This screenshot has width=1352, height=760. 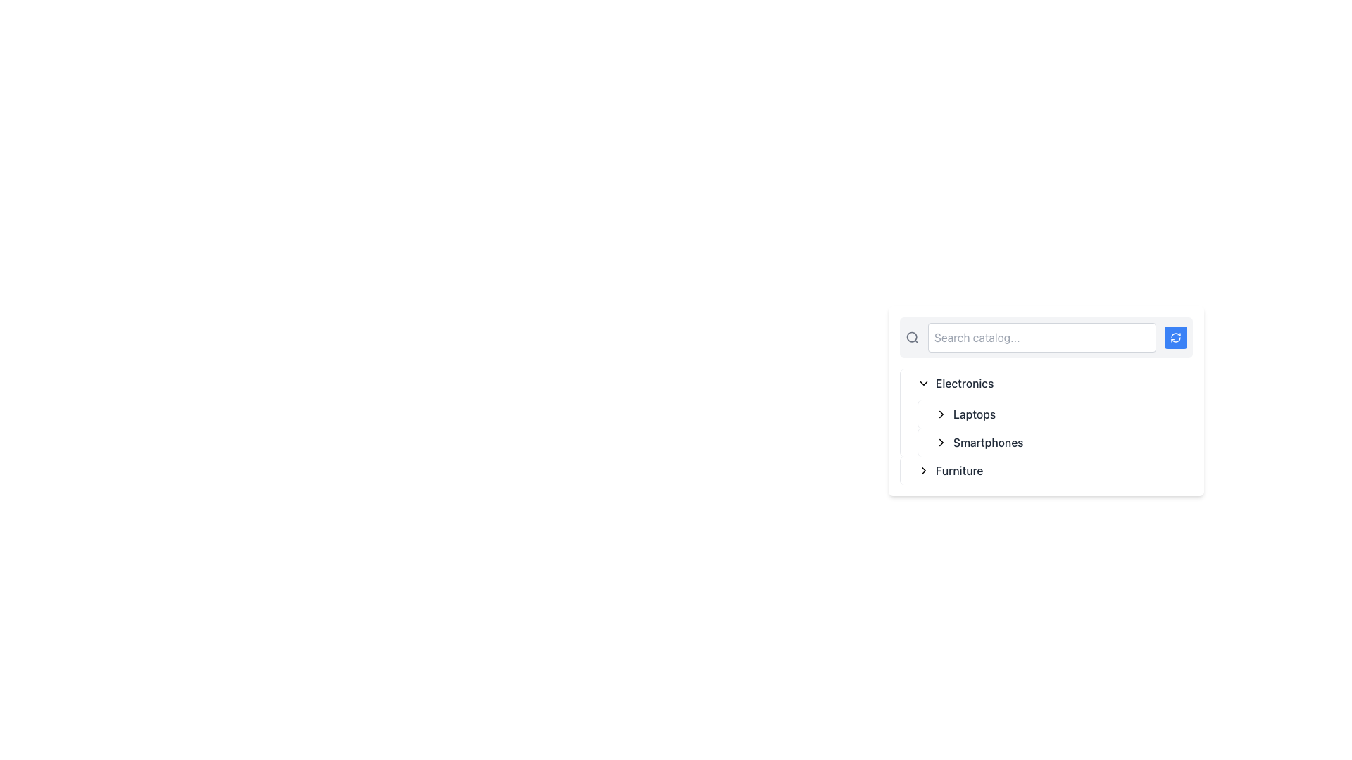 I want to click on the downward chevron icon styled with a black stroke and clear fill, located to the left of the 'Electronics' text label in the navigation menu for visual feedback, so click(x=923, y=383).